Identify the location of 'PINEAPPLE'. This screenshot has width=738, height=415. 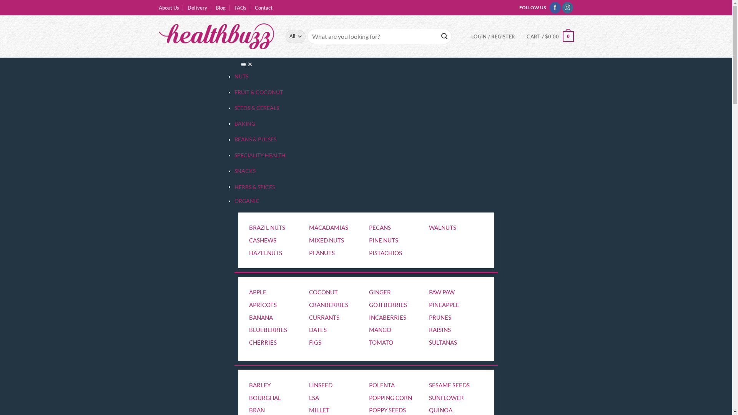
(444, 304).